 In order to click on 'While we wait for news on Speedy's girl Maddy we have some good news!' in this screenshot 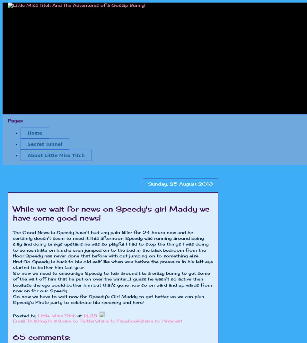, I will do `click(12, 213)`.